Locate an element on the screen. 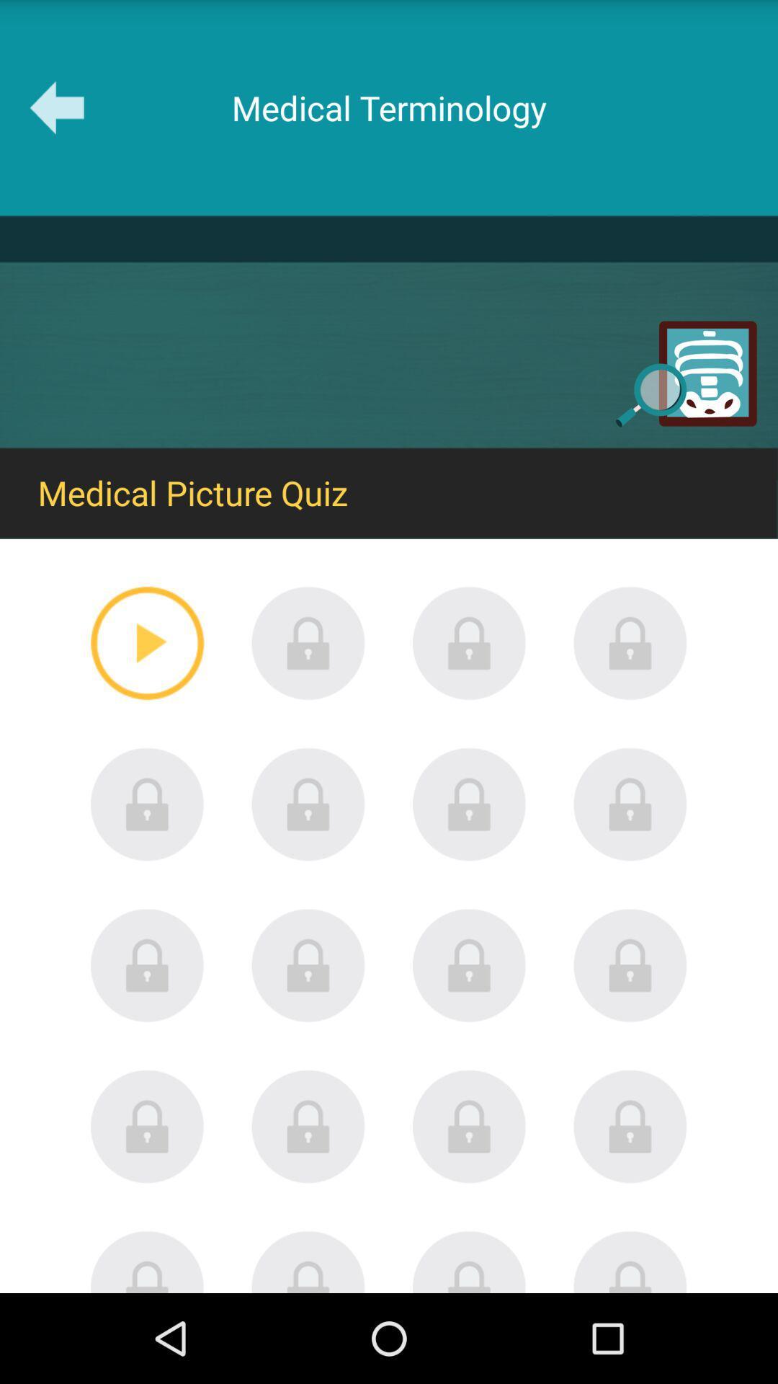  this item is locked or unavailable is located at coordinates (308, 642).